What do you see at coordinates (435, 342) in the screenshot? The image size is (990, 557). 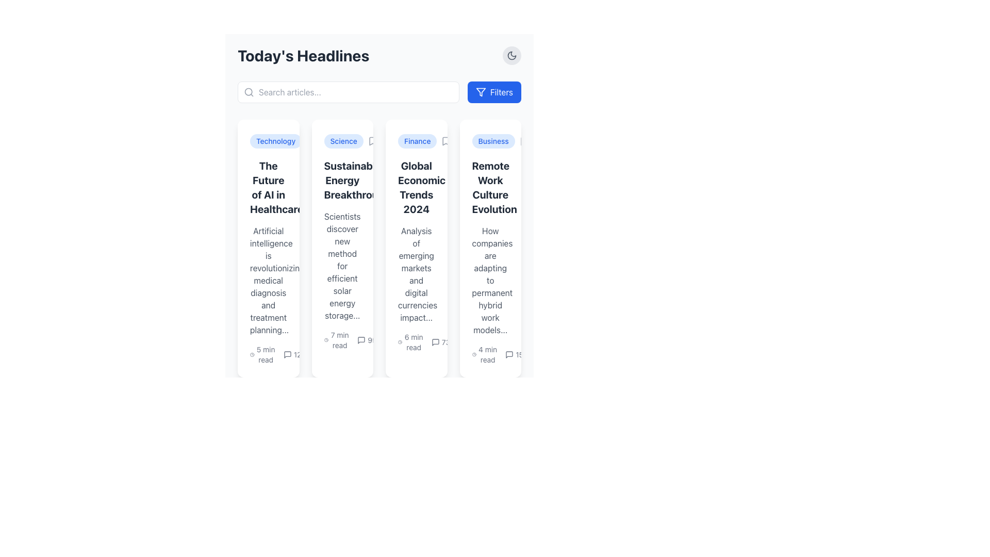 I see `the comments icon located in the bottom-right corner of the 'Global Economic Trends 2024' content block, which indicates the number of comments or messages related to this content` at bounding box center [435, 342].